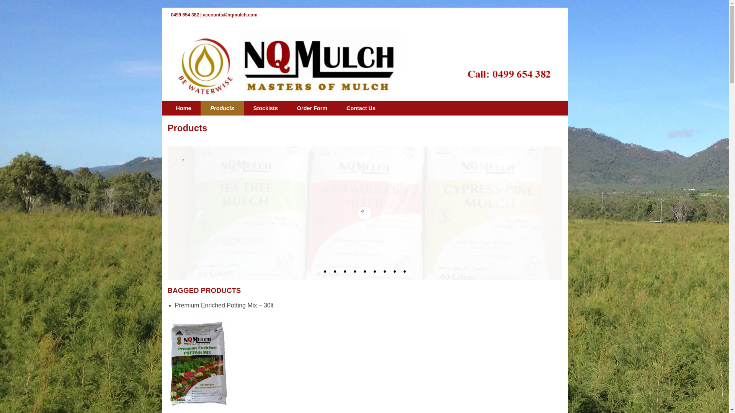 Image resolution: width=735 pixels, height=413 pixels. What do you see at coordinates (266, 108) in the screenshot?
I see `'Stockists'` at bounding box center [266, 108].